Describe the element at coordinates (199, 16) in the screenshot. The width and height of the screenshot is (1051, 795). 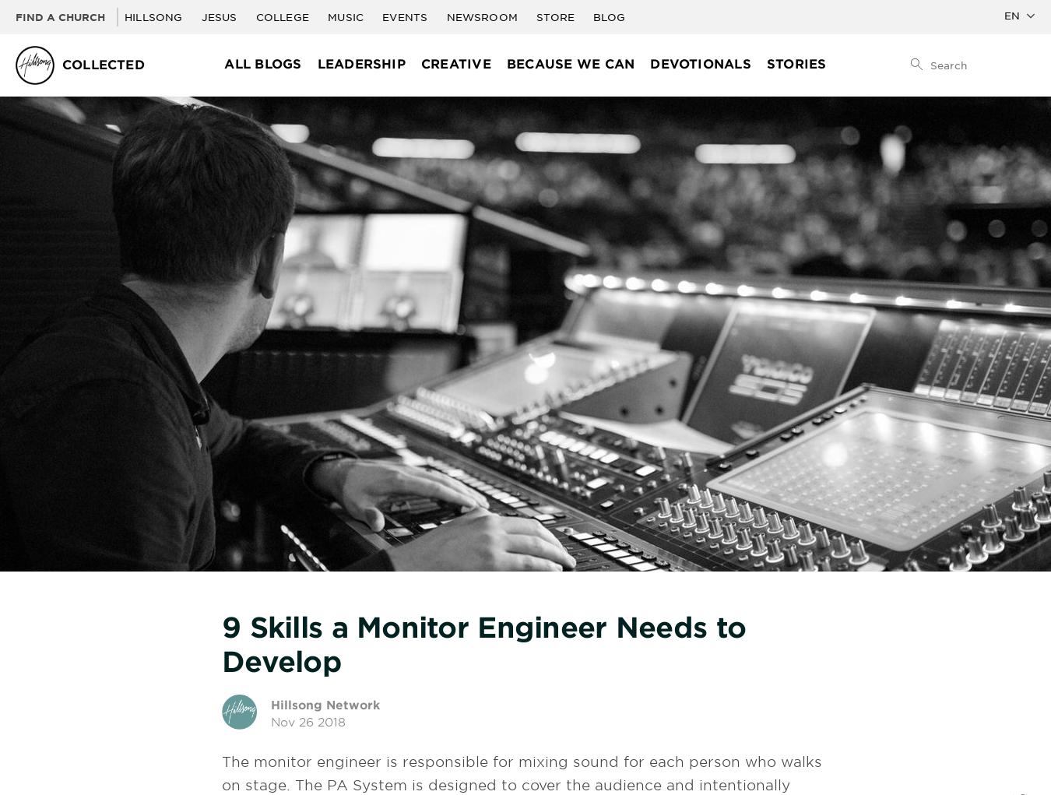
I see `'Jesus'` at that location.